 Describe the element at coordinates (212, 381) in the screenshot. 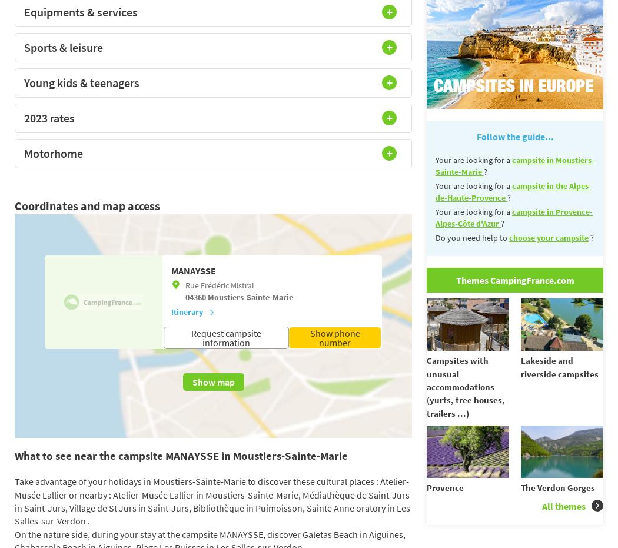

I see `'Show map'` at that location.